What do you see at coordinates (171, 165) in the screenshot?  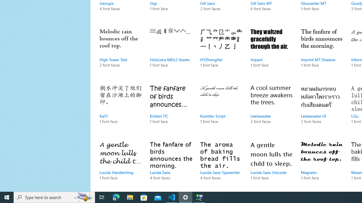 I see `'Lucida Sans, 4 font faces'` at bounding box center [171, 165].